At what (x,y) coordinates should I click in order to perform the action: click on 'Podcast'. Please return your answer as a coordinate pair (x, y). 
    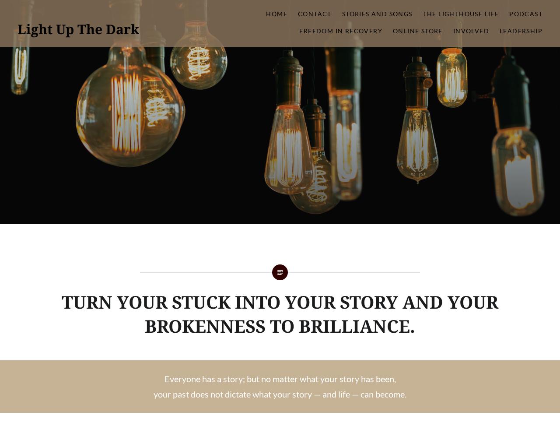
    Looking at the image, I should click on (525, 14).